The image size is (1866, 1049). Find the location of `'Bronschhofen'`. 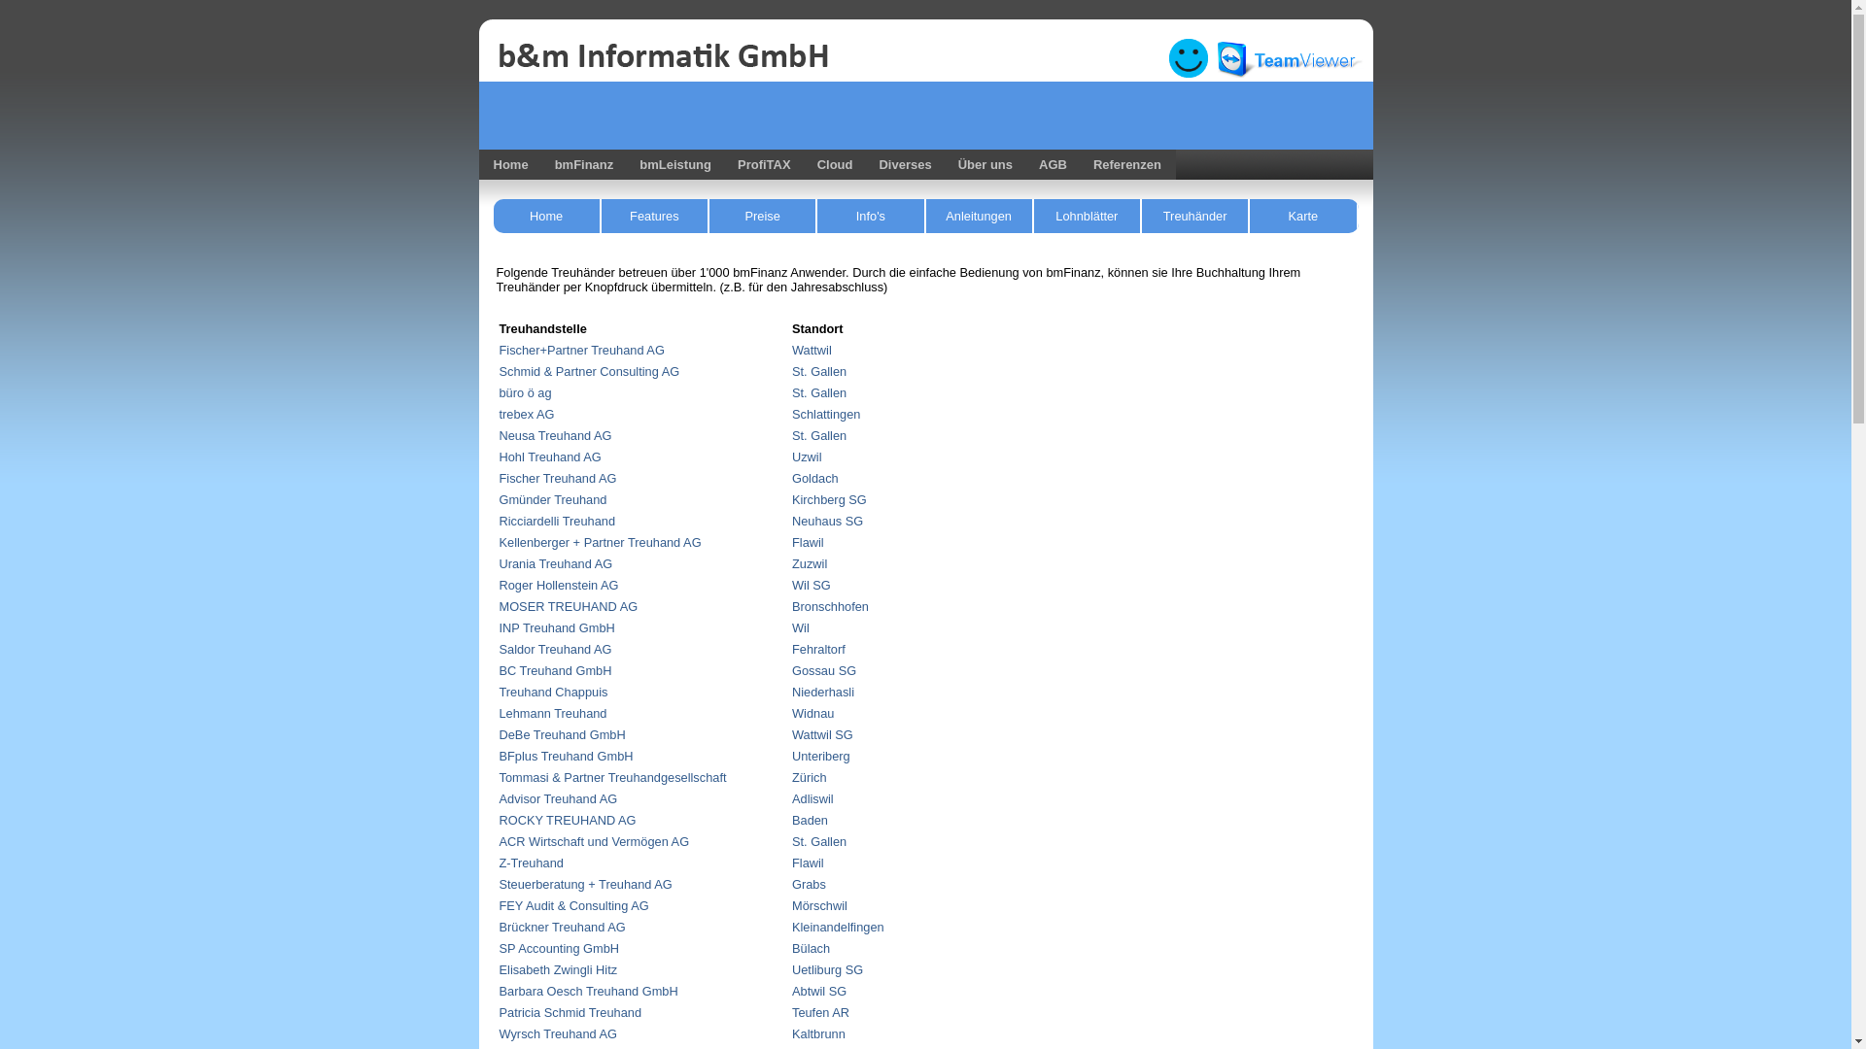

'Bronschhofen' is located at coordinates (830, 605).